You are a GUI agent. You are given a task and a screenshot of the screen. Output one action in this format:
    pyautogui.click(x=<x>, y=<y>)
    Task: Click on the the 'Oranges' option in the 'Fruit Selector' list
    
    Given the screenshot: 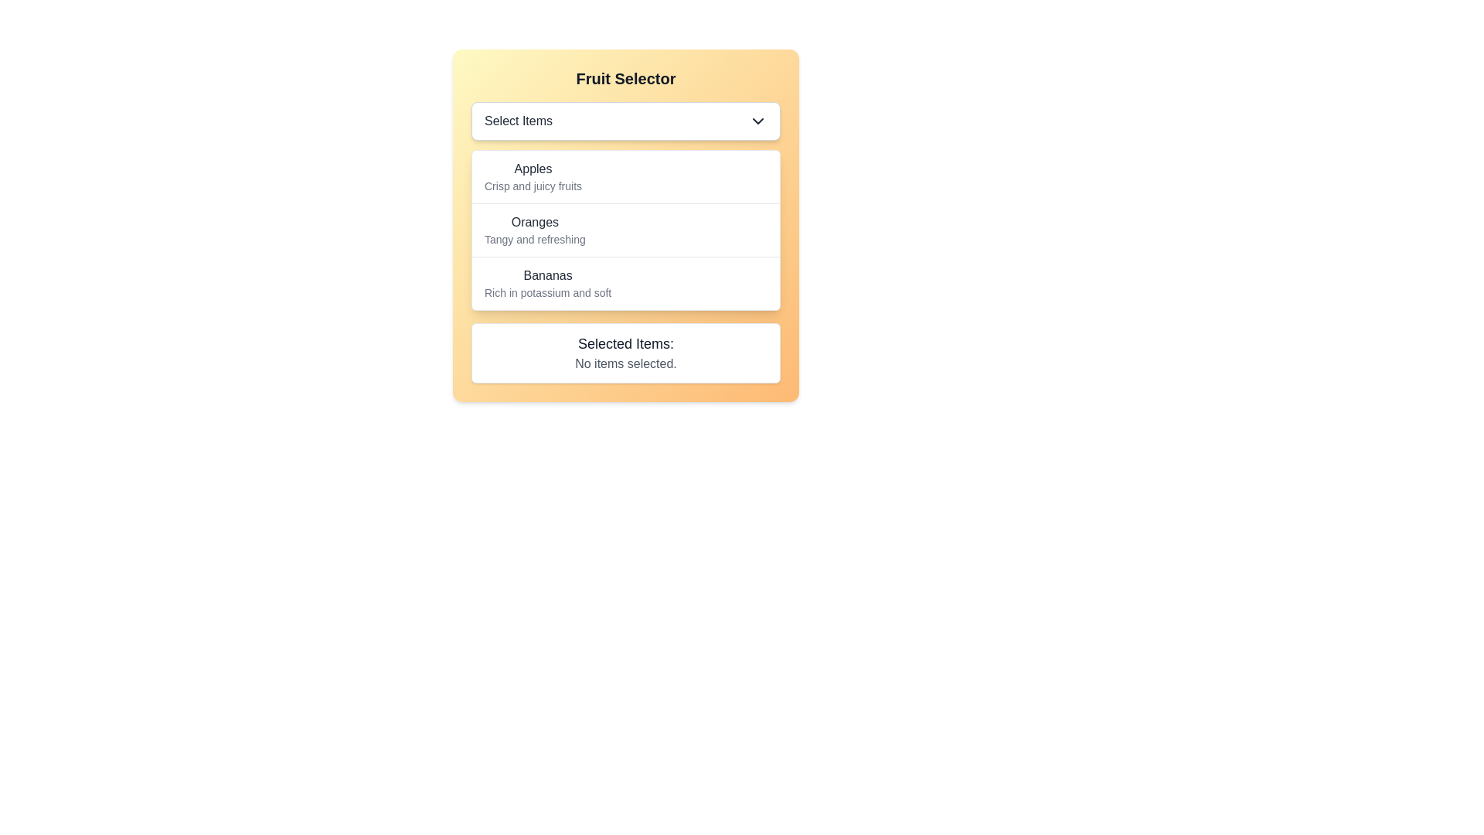 What is the action you would take?
    pyautogui.click(x=626, y=230)
    